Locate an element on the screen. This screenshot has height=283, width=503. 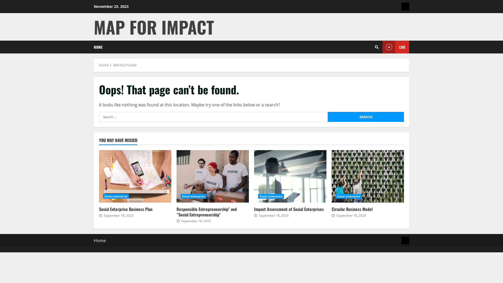
'Circular Business Model' is located at coordinates (367, 176).